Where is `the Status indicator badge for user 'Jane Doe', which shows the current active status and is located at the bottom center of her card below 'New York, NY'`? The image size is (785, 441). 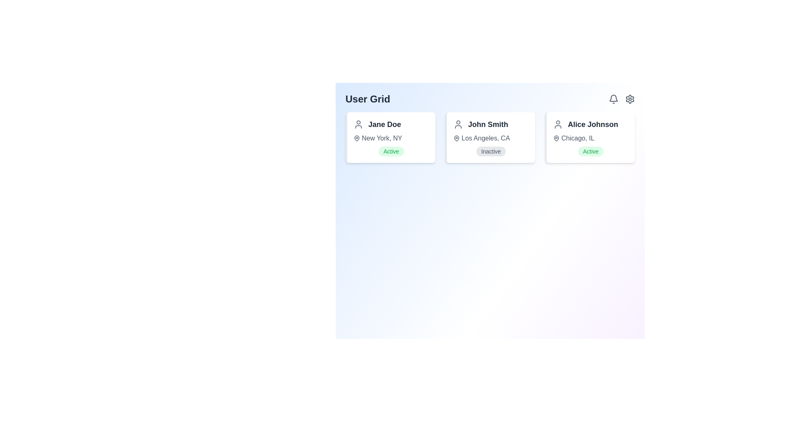 the Status indicator badge for user 'Jane Doe', which shows the current active status and is located at the bottom center of her card below 'New York, NY' is located at coordinates (390, 151).